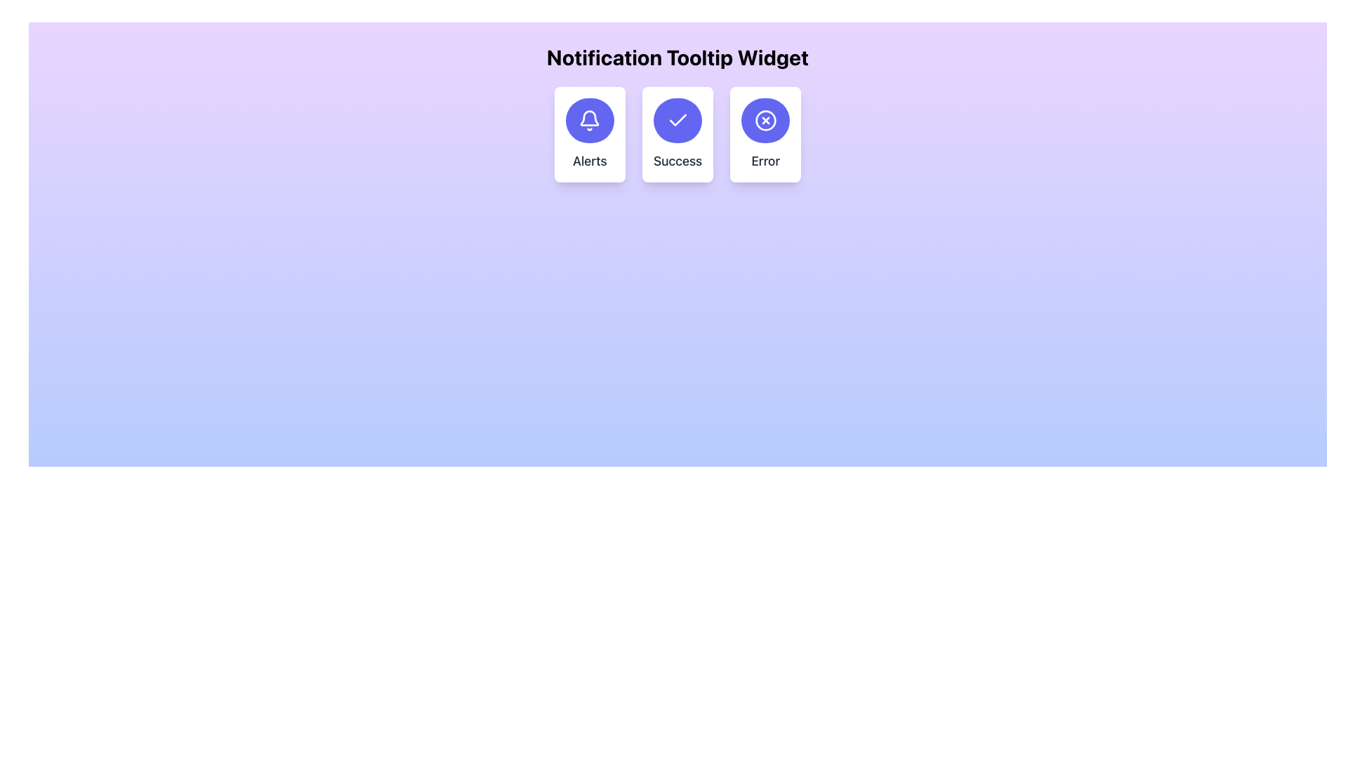 This screenshot has height=758, width=1348. Describe the element at coordinates (765, 161) in the screenshot. I see `the text label indicating an 'Error' state, positioned at the bottom center of the rightmost card, directly below the circular icon with an 'X' symbol` at that location.